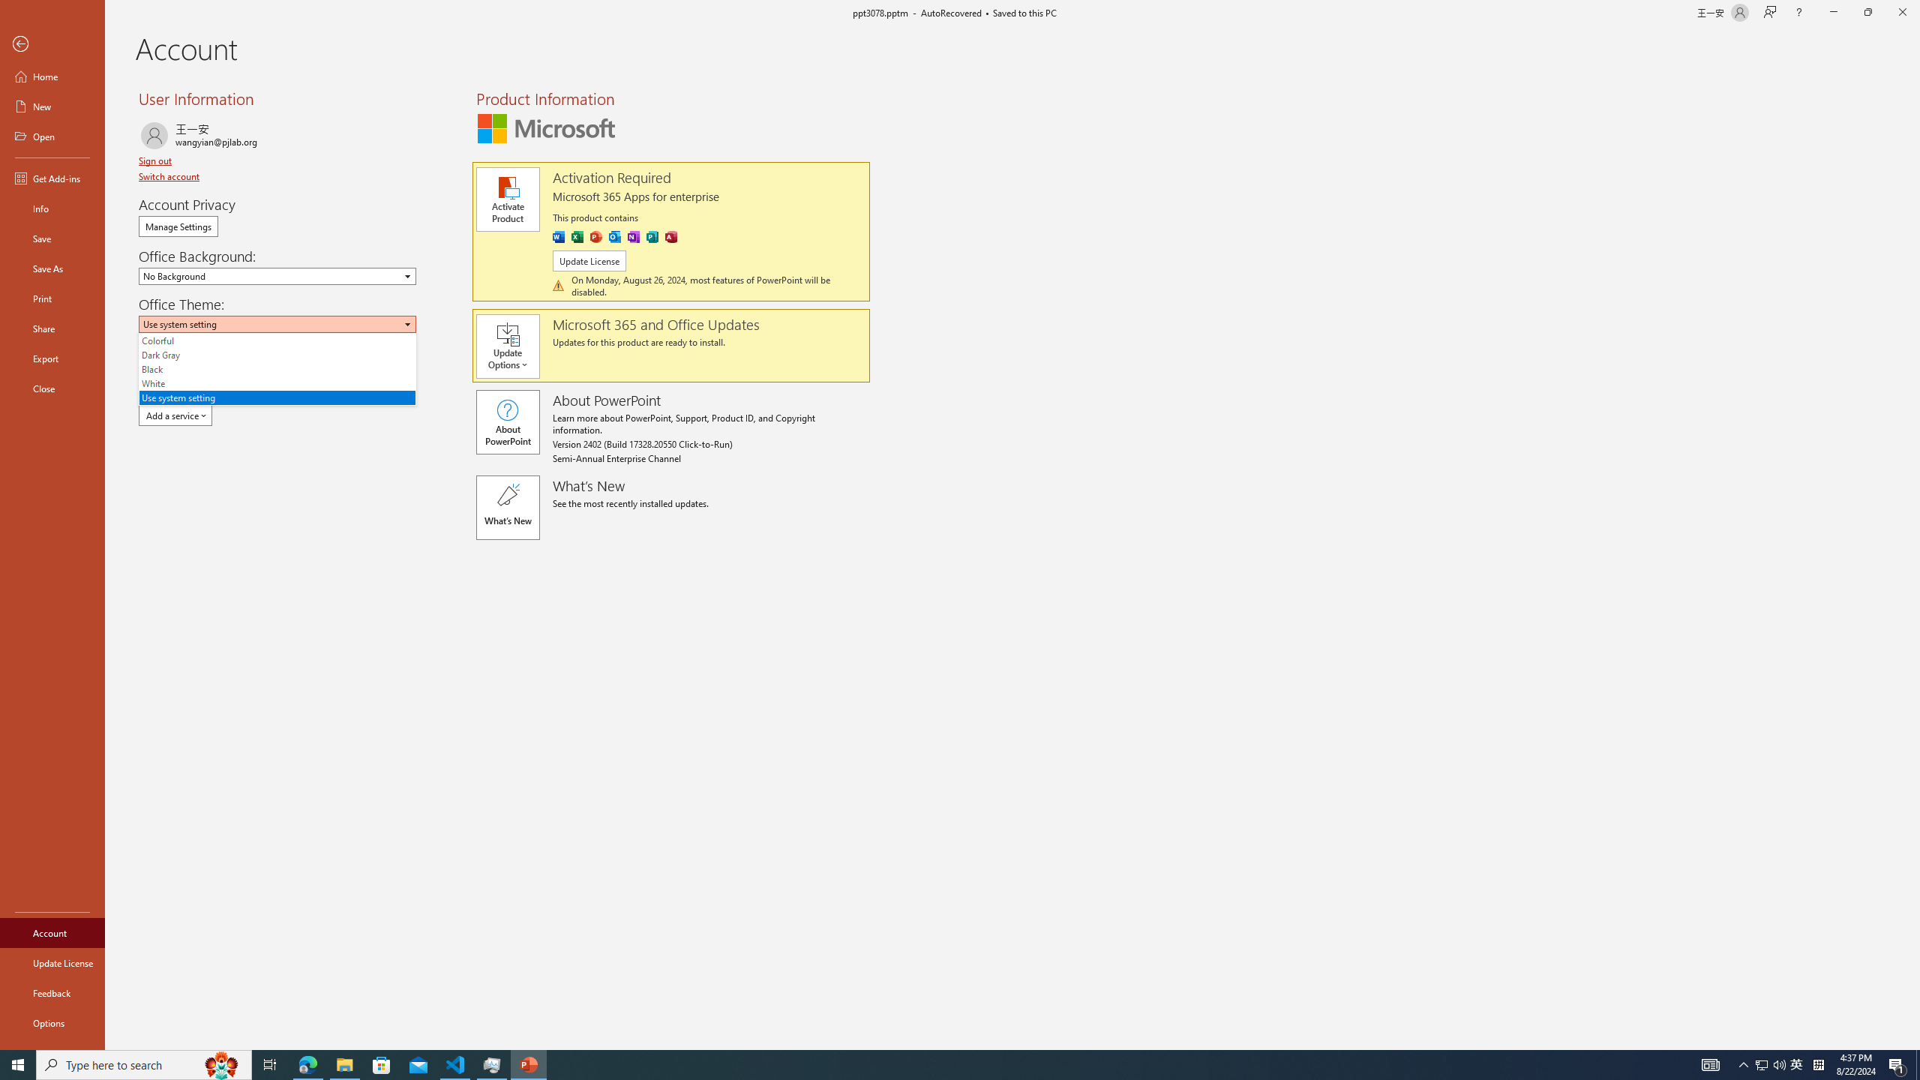 The height and width of the screenshot is (1080, 1920). Describe the element at coordinates (1818, 1063) in the screenshot. I see `'Tray Input Indicator - Chinese (Simplified, China)'` at that location.